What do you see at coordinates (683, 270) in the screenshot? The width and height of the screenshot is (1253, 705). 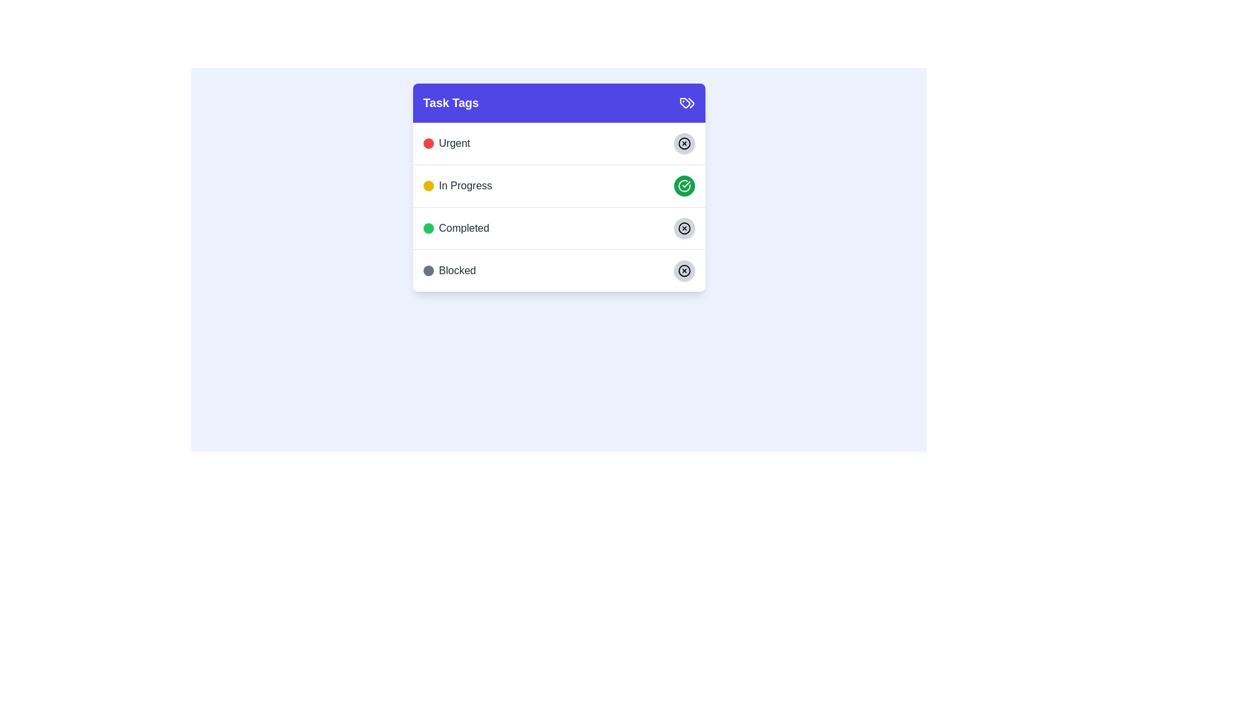 I see `the circular icon representing the 'Blocked' task status located in the fourth row of the Task Tags interface` at bounding box center [683, 270].